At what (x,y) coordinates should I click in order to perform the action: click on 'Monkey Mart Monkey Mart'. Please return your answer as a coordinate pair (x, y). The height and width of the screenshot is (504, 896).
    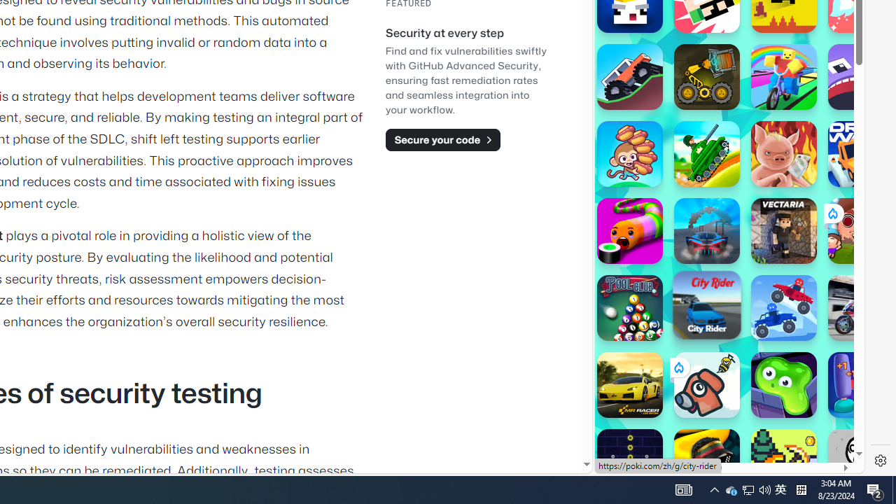
    Looking at the image, I should click on (629, 153).